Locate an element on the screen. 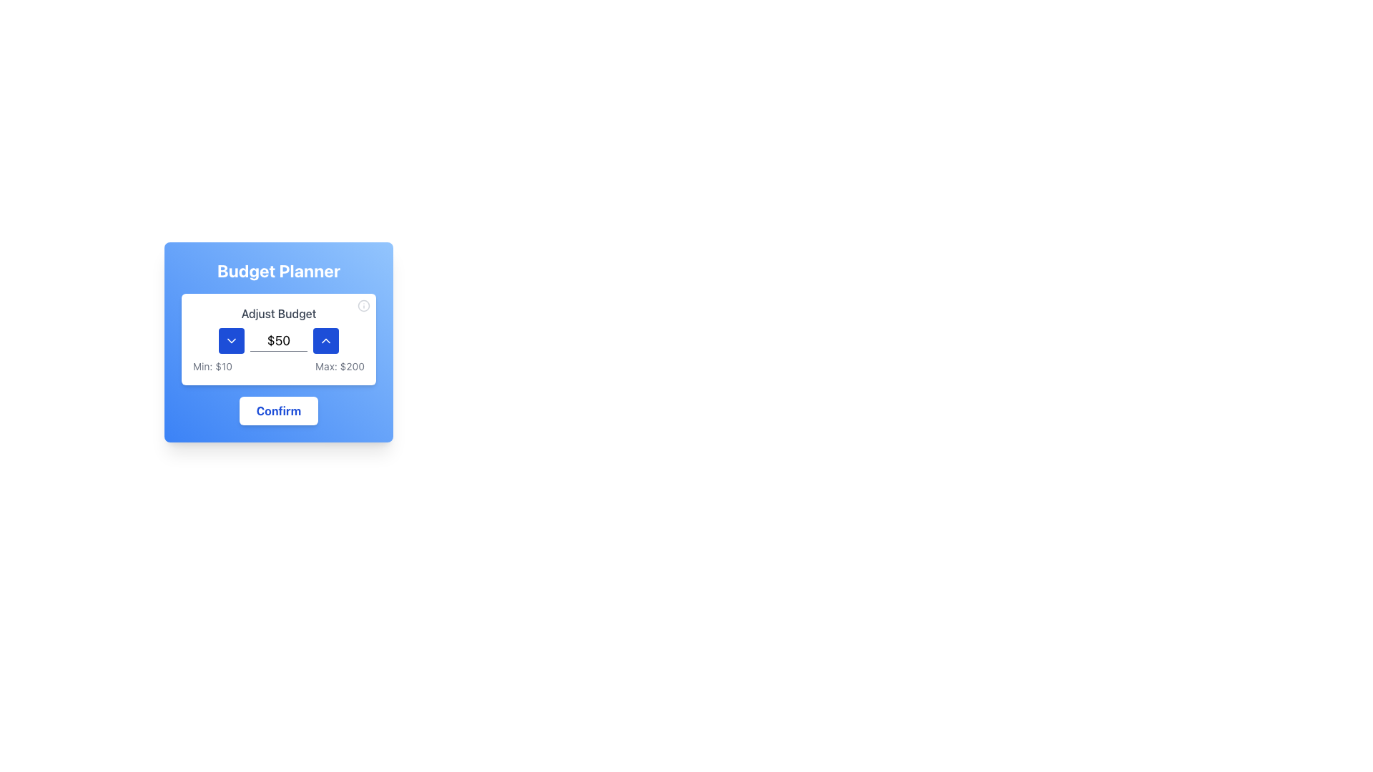 Image resolution: width=1373 pixels, height=772 pixels. the text input field for monetary value adjustment located between the down-arrow button and the up-arrow button is located at coordinates (278, 341).